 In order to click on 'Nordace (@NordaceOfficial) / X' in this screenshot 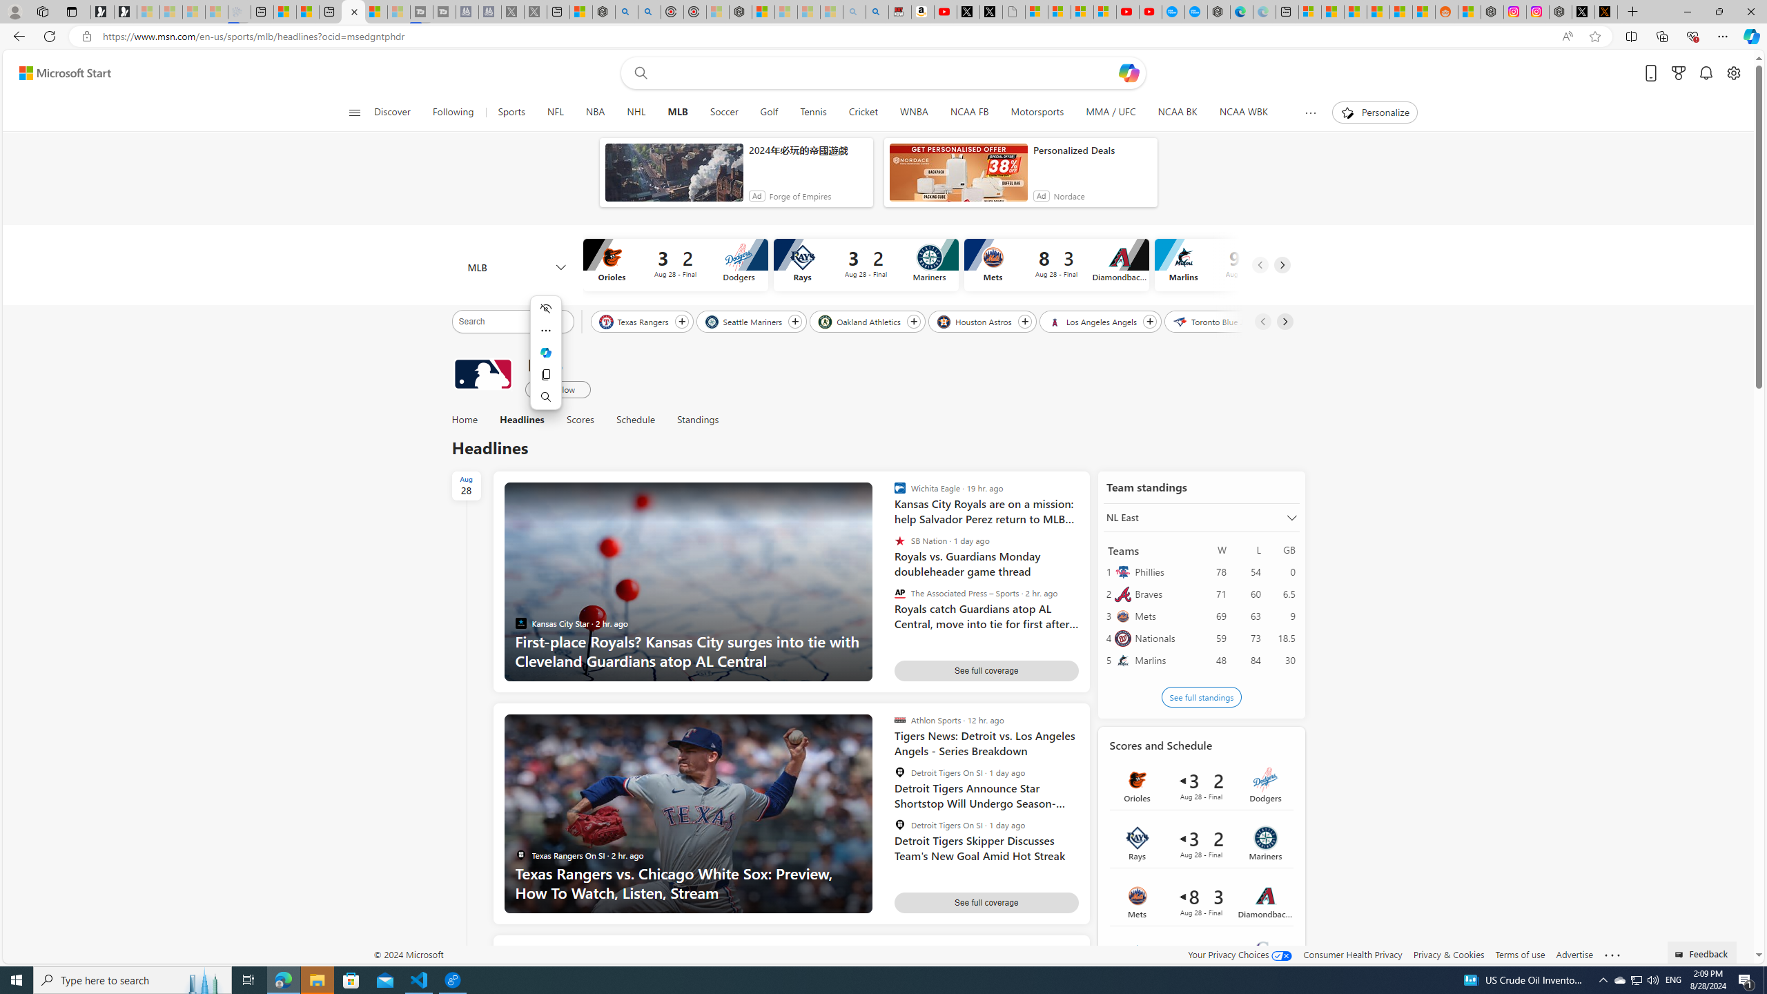, I will do `click(1582, 11)`.